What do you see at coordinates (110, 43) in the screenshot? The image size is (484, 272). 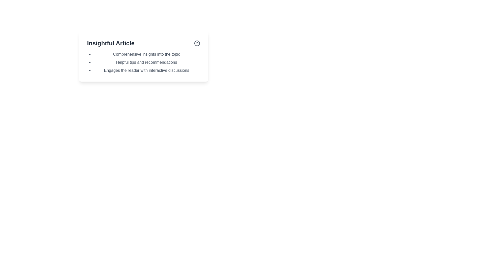 I see `the bold text label displaying 'Insightful Article' located at the top-left corner of its surrounding white card layout` at bounding box center [110, 43].